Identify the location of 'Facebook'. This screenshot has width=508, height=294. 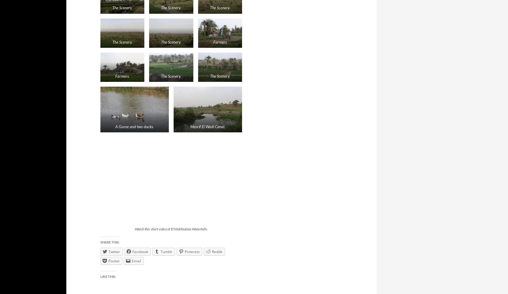
(140, 251).